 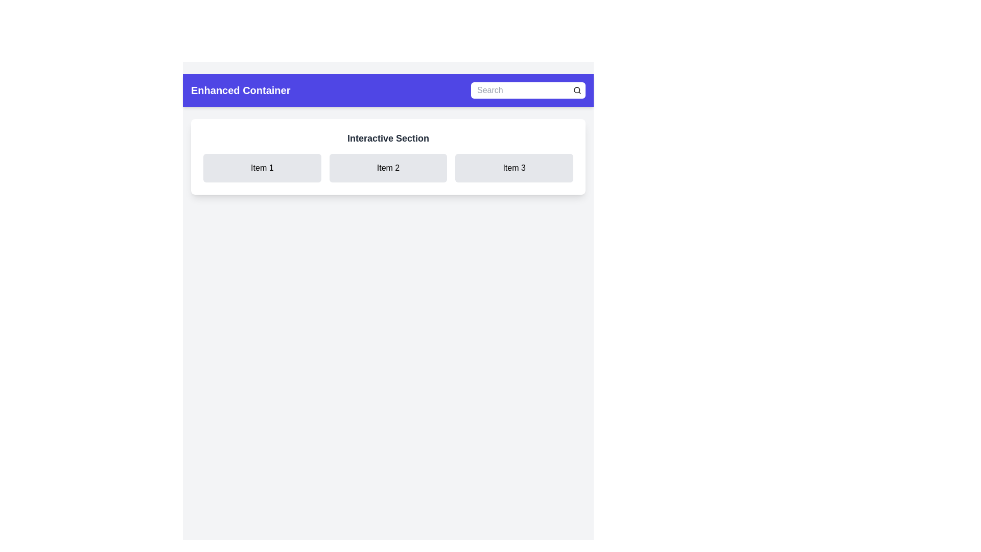 What do you see at coordinates (514, 167) in the screenshot?
I see `the Text label that indicates the identification or name of the related card component in the third card of the Interactive Section` at bounding box center [514, 167].